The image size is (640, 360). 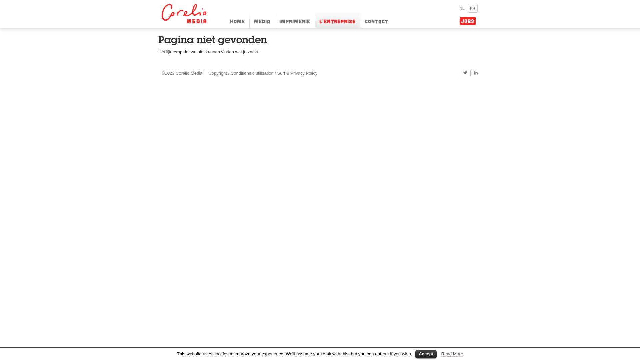 I want to click on 'CONTACT', so click(x=376, y=19).